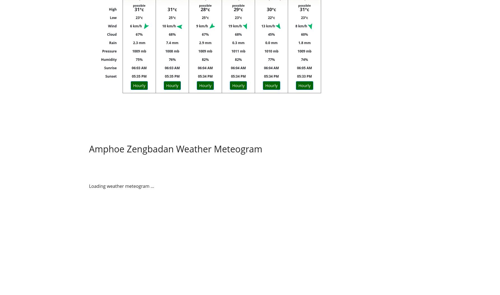 The height and width of the screenshot is (295, 500). What do you see at coordinates (172, 59) in the screenshot?
I see `'76%'` at bounding box center [172, 59].